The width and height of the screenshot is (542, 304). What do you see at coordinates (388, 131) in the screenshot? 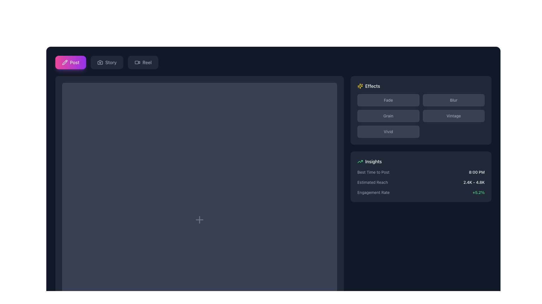
I see `the 'Vivid' button, which is a rectangular button with rounded corners located in the bottom-left corner of the grid titled 'Effects'. It displays lighter gray text when hovered, indicating interactivity` at bounding box center [388, 131].